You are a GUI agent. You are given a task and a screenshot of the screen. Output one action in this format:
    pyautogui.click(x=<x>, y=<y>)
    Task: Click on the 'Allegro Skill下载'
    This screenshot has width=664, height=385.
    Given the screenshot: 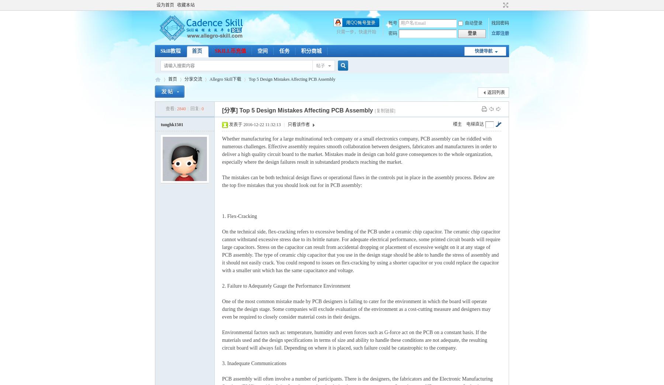 What is the action you would take?
    pyautogui.click(x=225, y=79)
    